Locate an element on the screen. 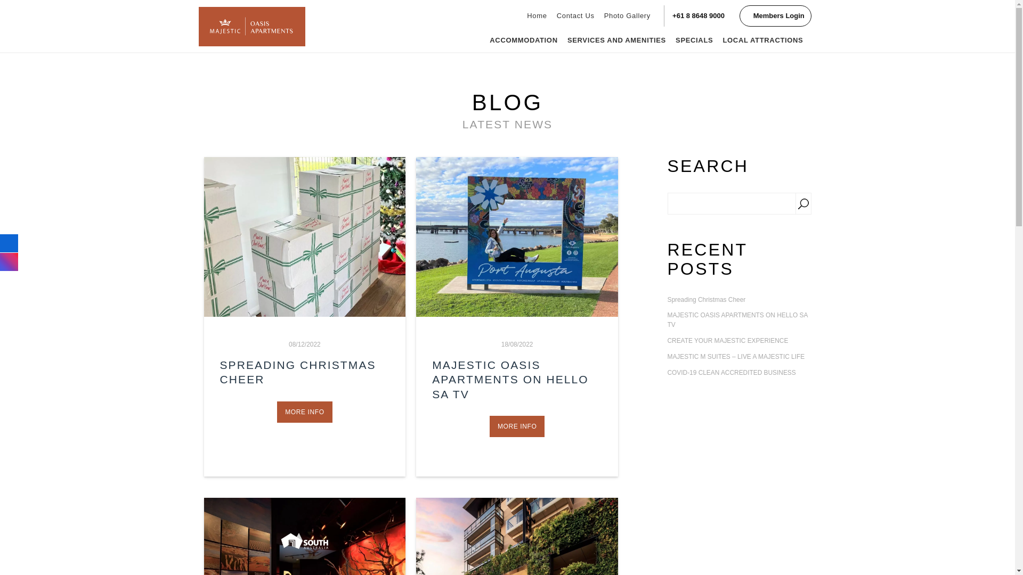 The width and height of the screenshot is (1023, 575). 'Search' is located at coordinates (795, 203).